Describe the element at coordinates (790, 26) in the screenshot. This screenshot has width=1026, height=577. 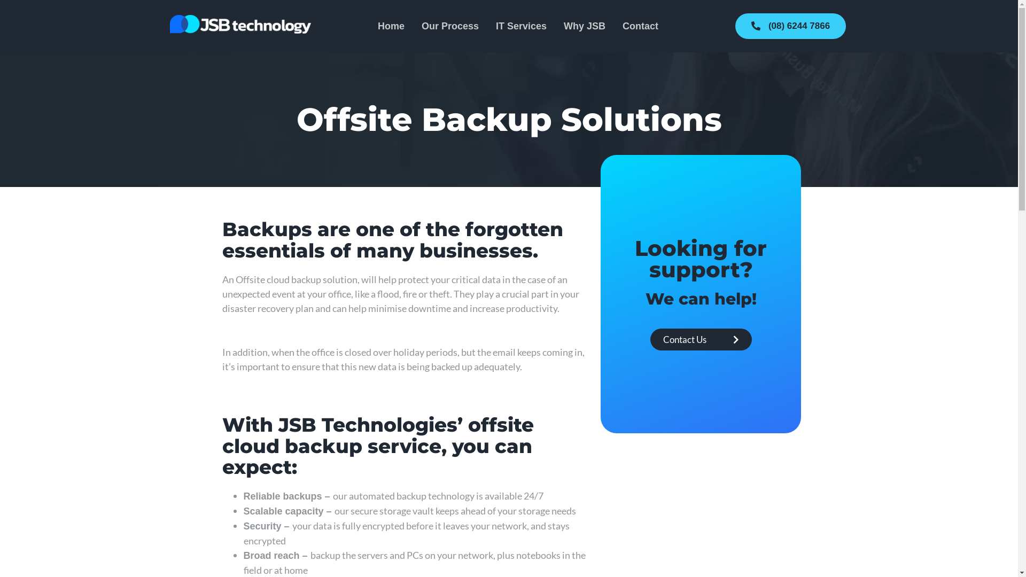
I see `'(08) 6244 7866'` at that location.